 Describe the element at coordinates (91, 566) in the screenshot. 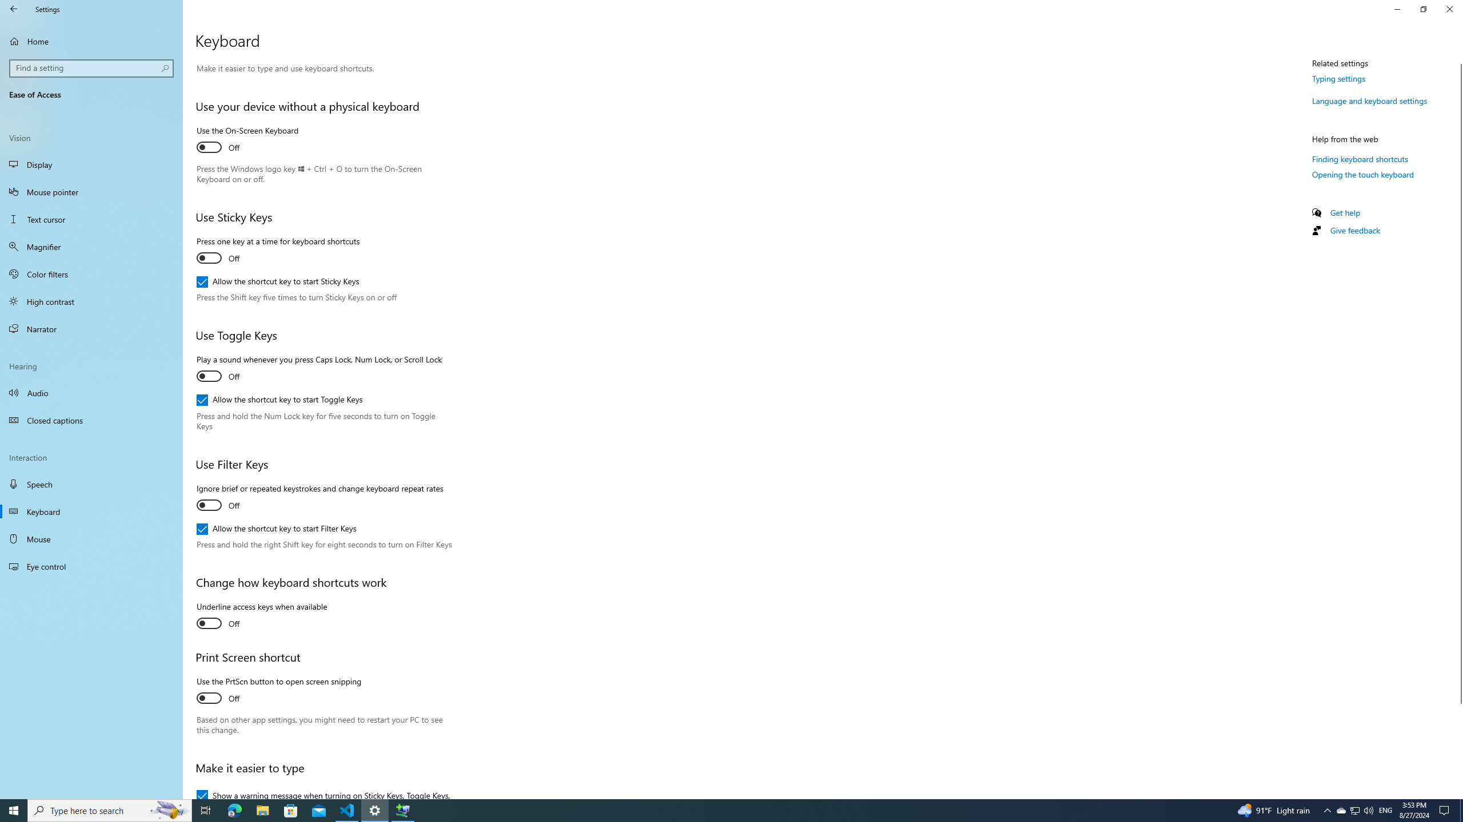

I see `'Eye control'` at that location.